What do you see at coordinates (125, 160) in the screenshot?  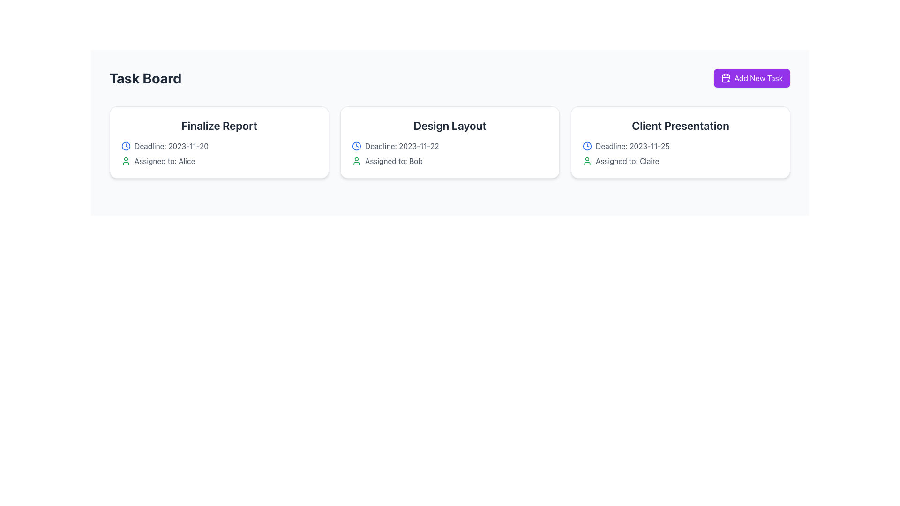 I see `the user icon element, which is styled in green with a circular head and shoulders, located to the left of the text 'Assigned to: Alice' in the 'Finalize Report' card` at bounding box center [125, 160].